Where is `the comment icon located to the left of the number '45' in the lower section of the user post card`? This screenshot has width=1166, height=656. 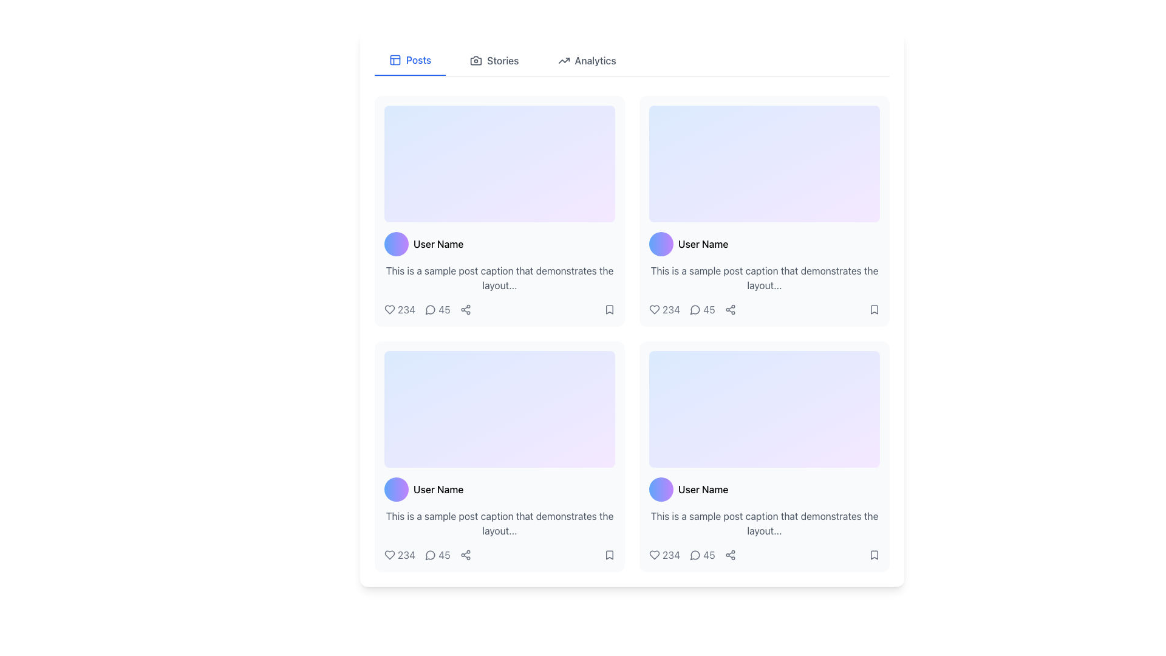
the comment icon located to the left of the number '45' in the lower section of the user post card is located at coordinates (431, 309).